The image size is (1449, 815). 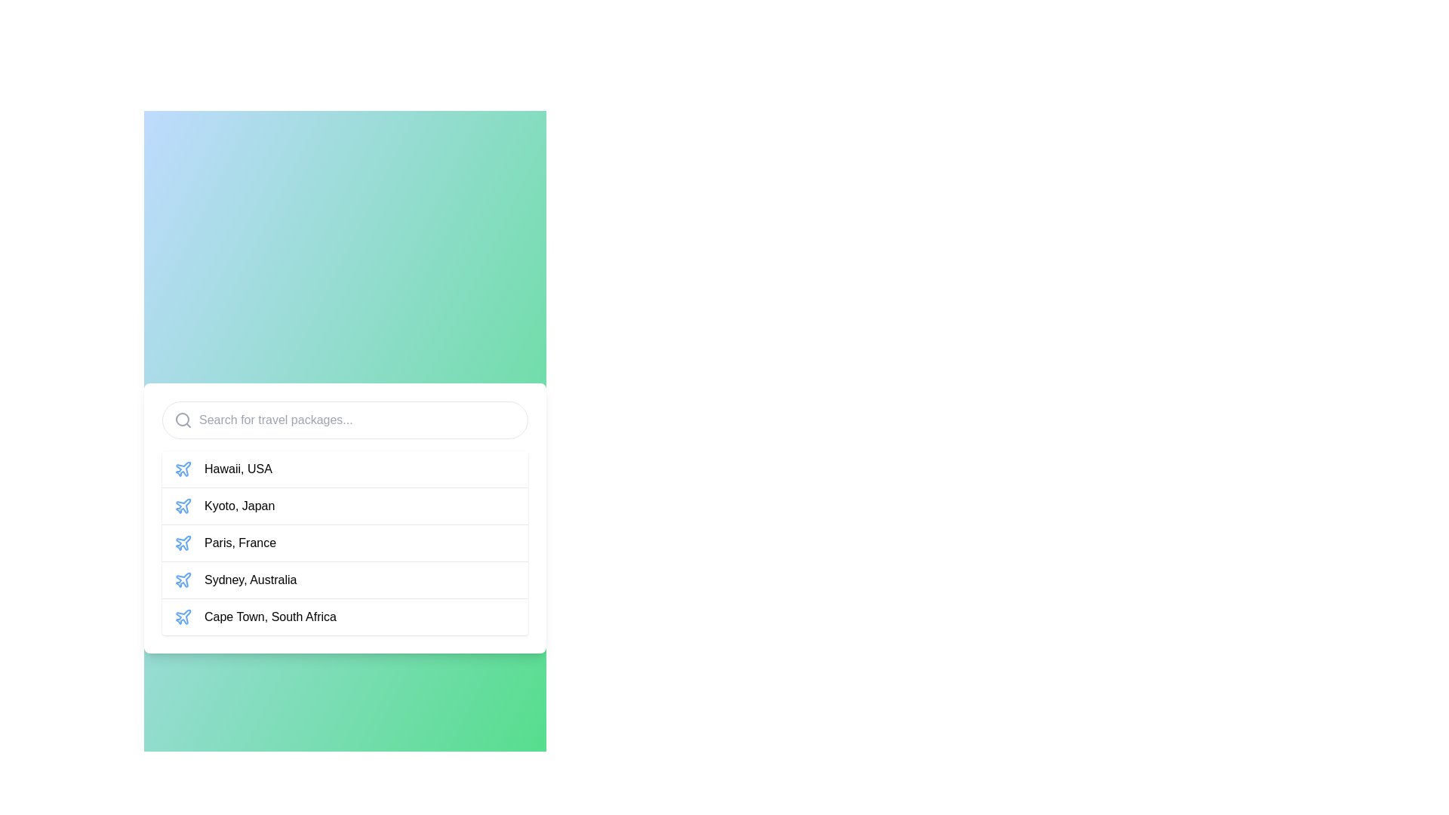 What do you see at coordinates (237, 468) in the screenshot?
I see `the text label that reads 'Hawaii, USA'` at bounding box center [237, 468].